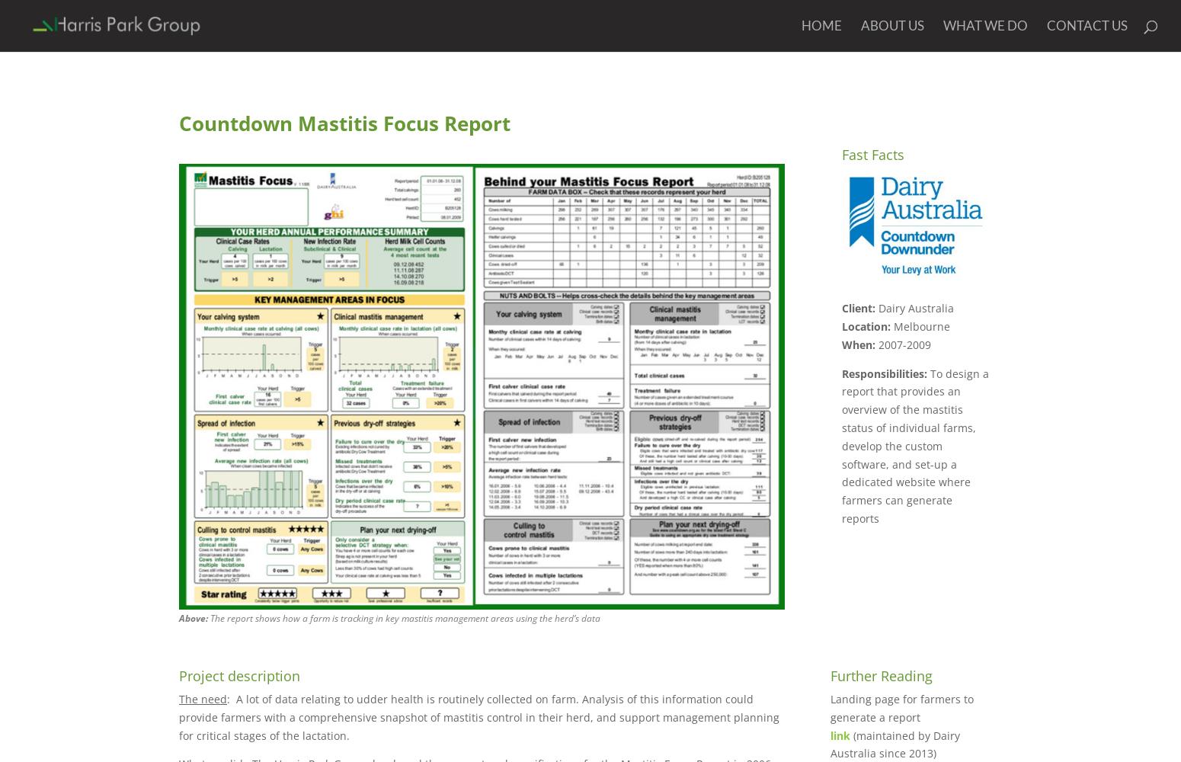  What do you see at coordinates (1086, 25) in the screenshot?
I see `'Contact Us'` at bounding box center [1086, 25].